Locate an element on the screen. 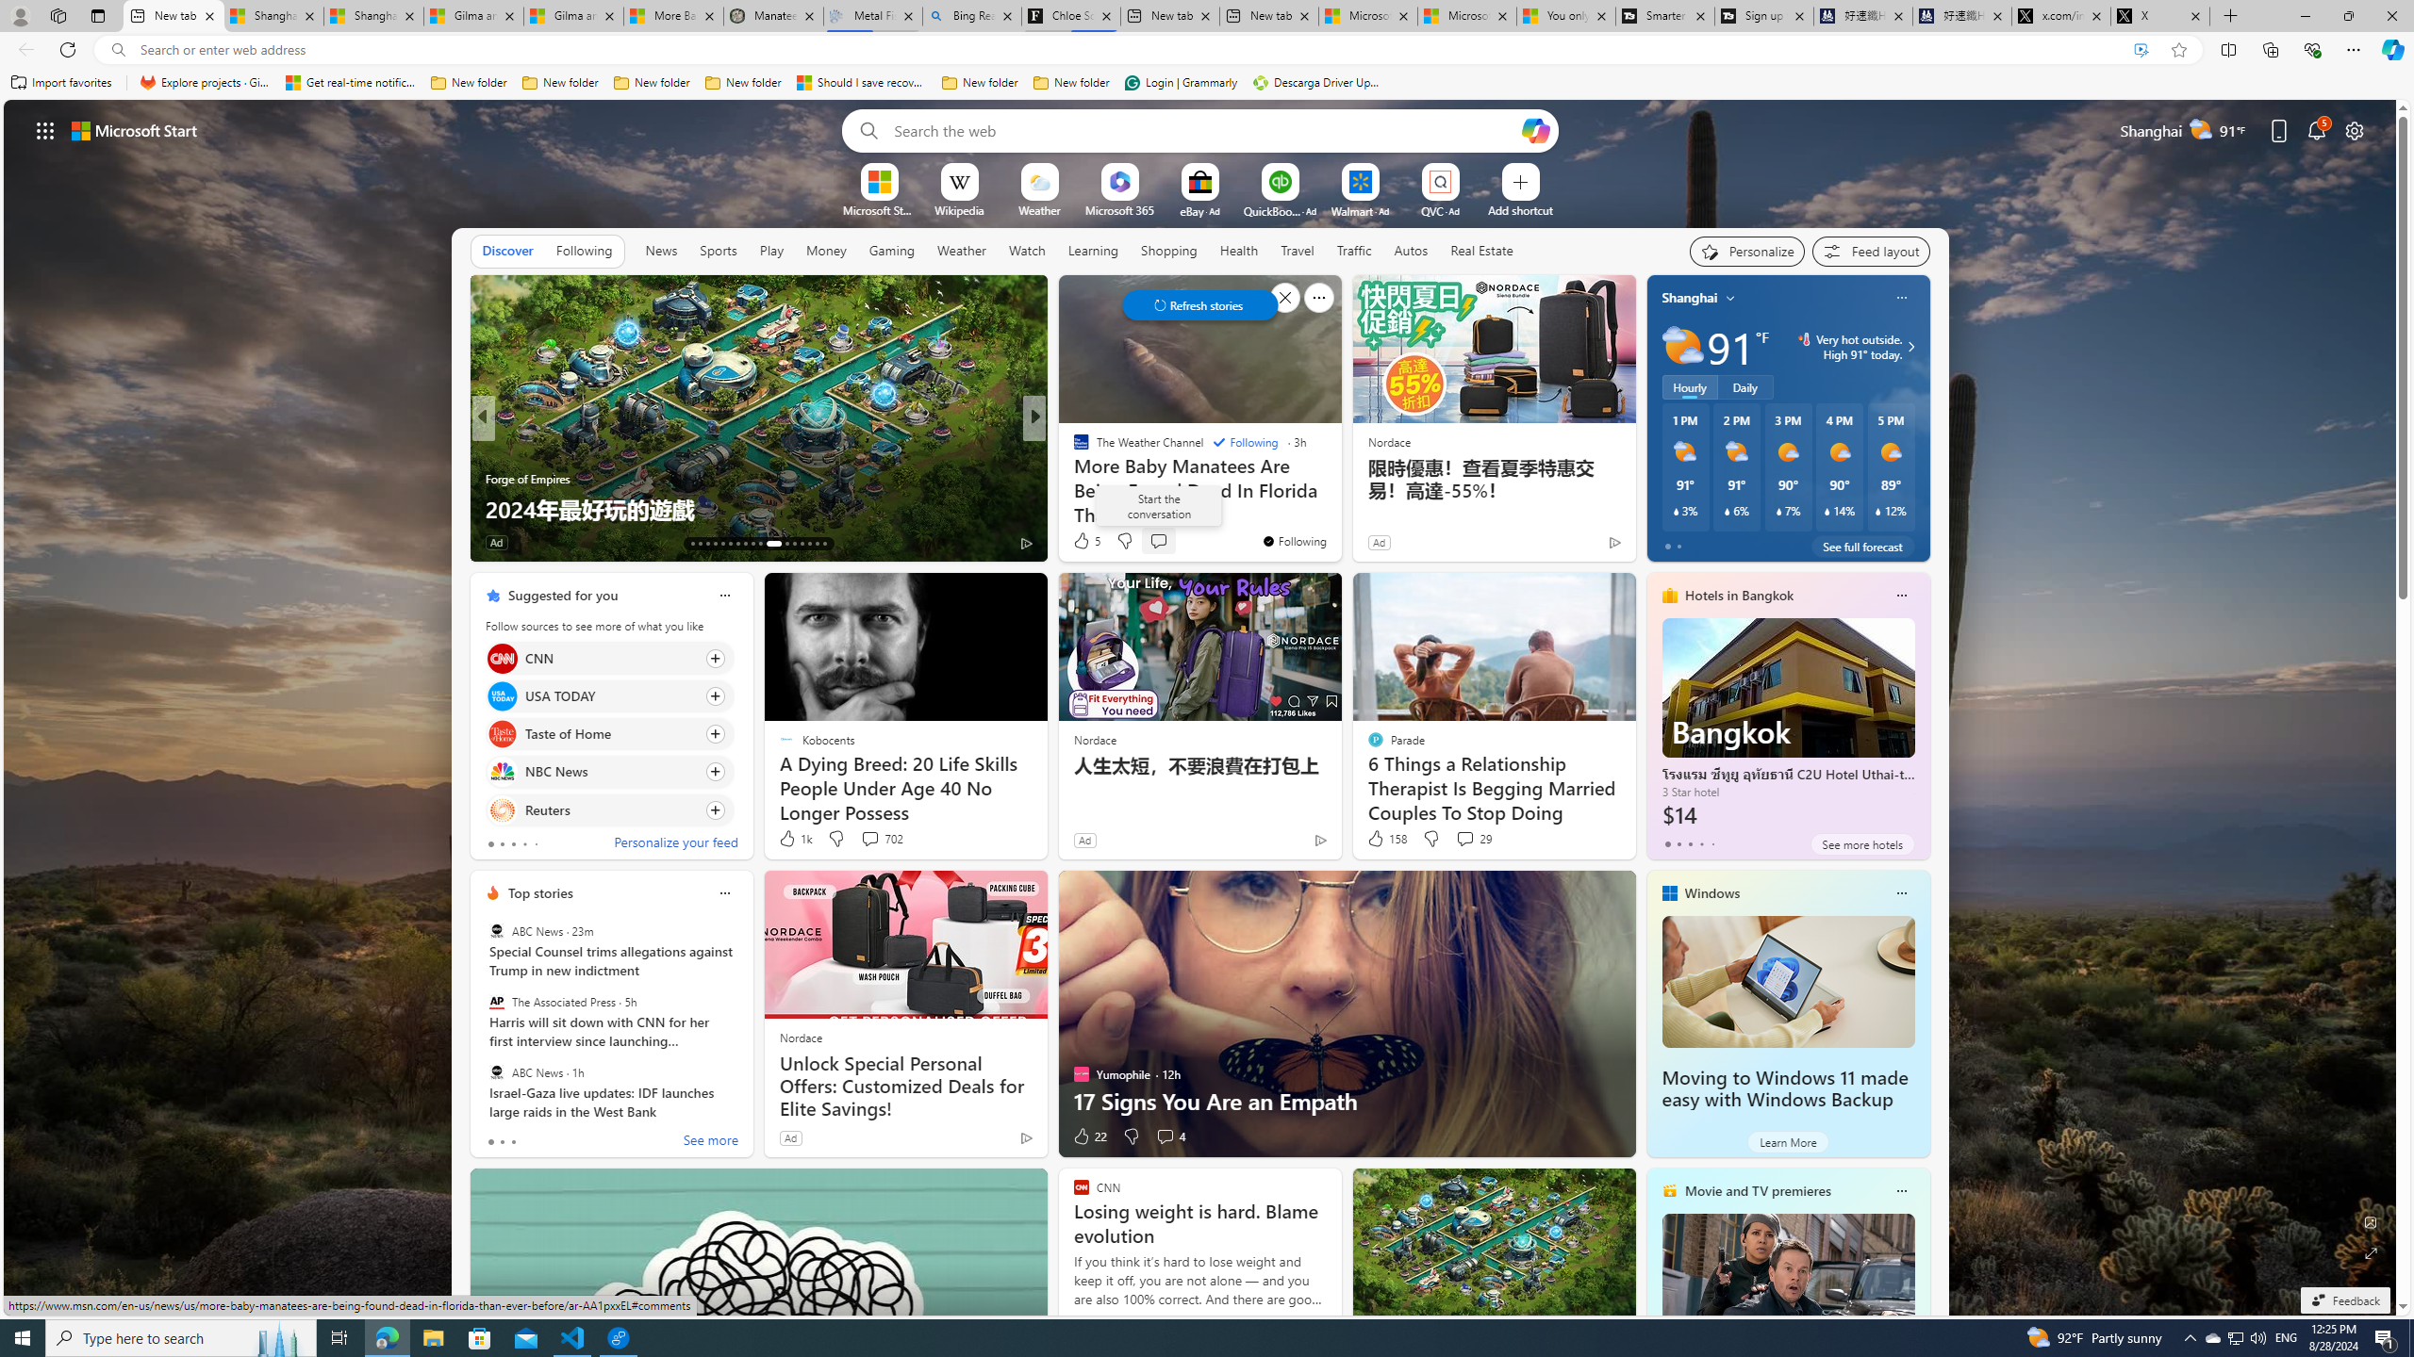 The height and width of the screenshot is (1357, 2414). 'App launcher' is located at coordinates (45, 129).